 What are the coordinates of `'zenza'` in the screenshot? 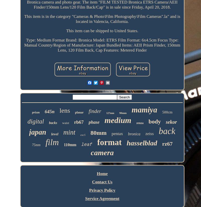 It's located at (140, 123).